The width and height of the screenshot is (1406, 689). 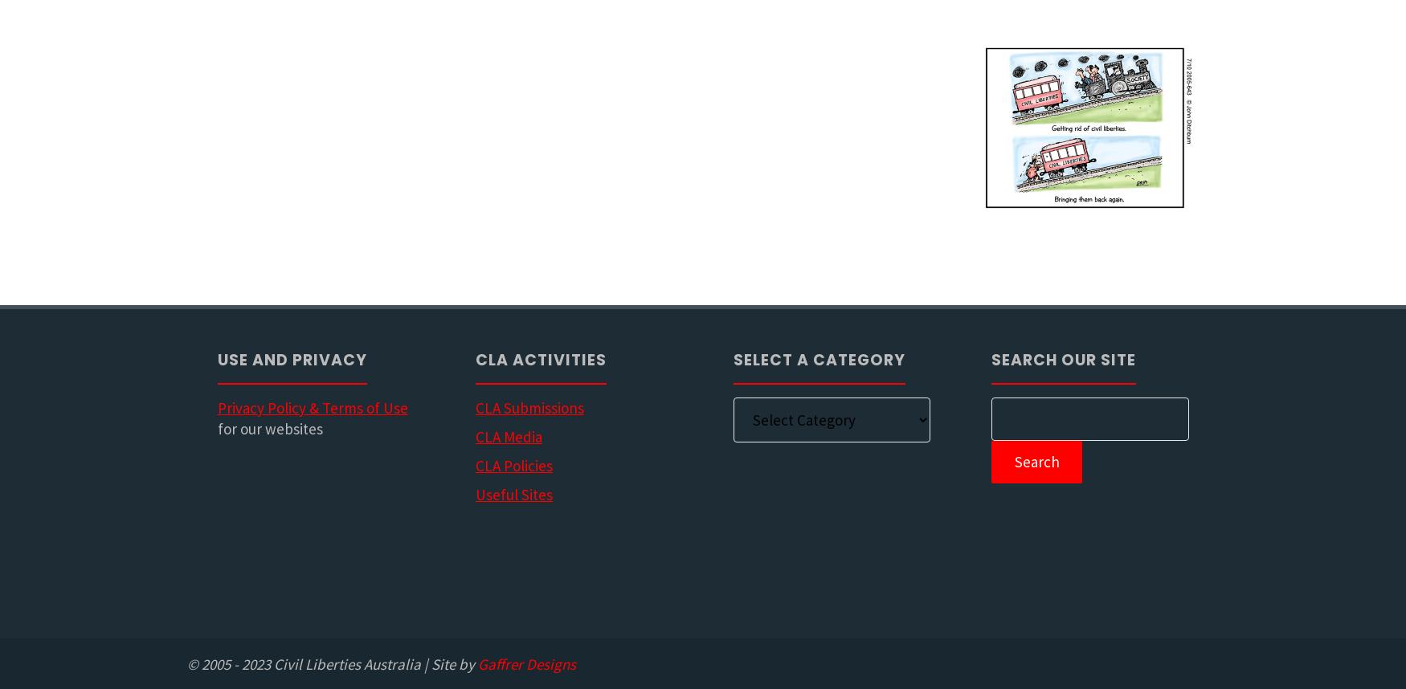 What do you see at coordinates (528, 406) in the screenshot?
I see `'CLA Submissions'` at bounding box center [528, 406].